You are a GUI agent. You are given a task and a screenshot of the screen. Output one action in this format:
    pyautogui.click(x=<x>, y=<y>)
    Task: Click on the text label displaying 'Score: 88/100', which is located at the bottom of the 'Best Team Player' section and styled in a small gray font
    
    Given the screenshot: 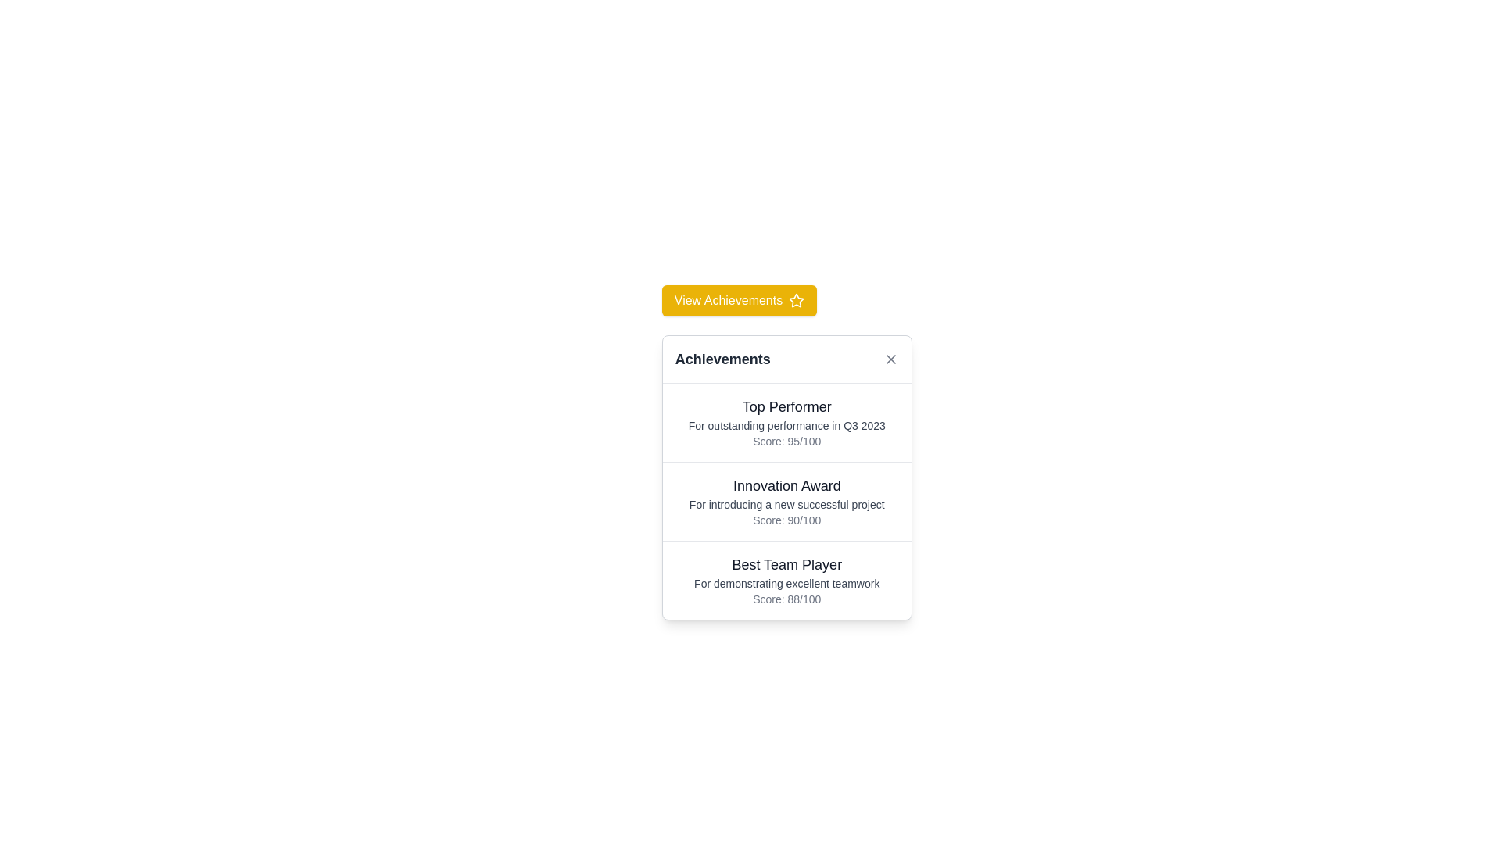 What is the action you would take?
    pyautogui.click(x=786, y=599)
    